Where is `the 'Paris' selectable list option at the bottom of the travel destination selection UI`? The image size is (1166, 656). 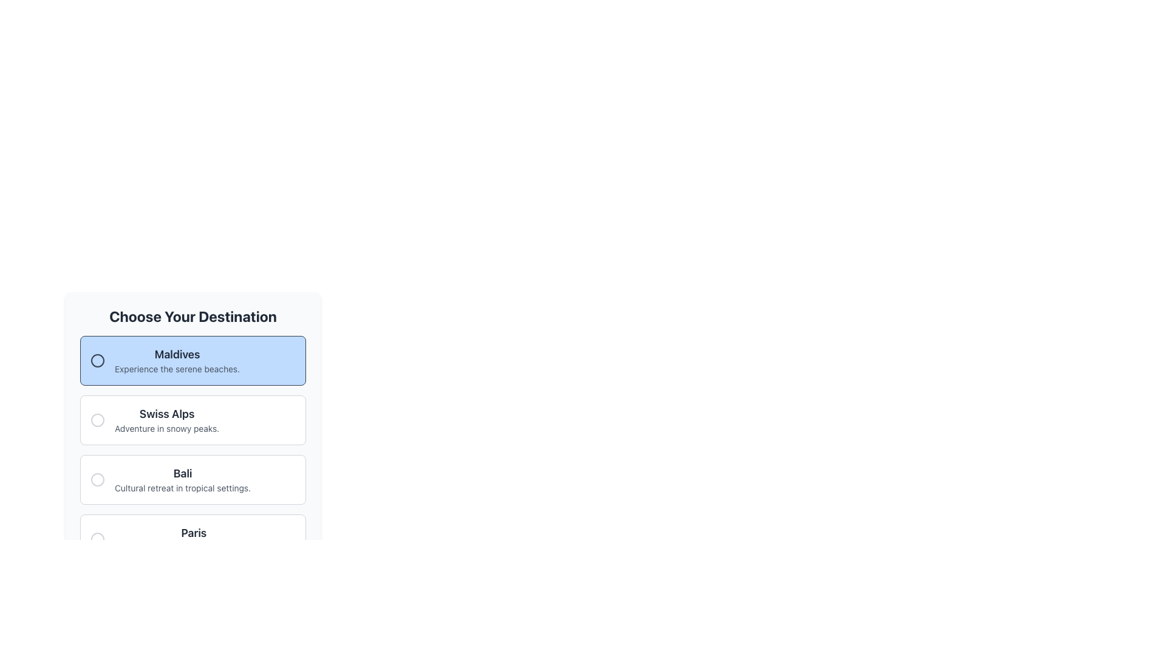
the 'Paris' selectable list option at the bottom of the travel destination selection UI is located at coordinates (192, 538).